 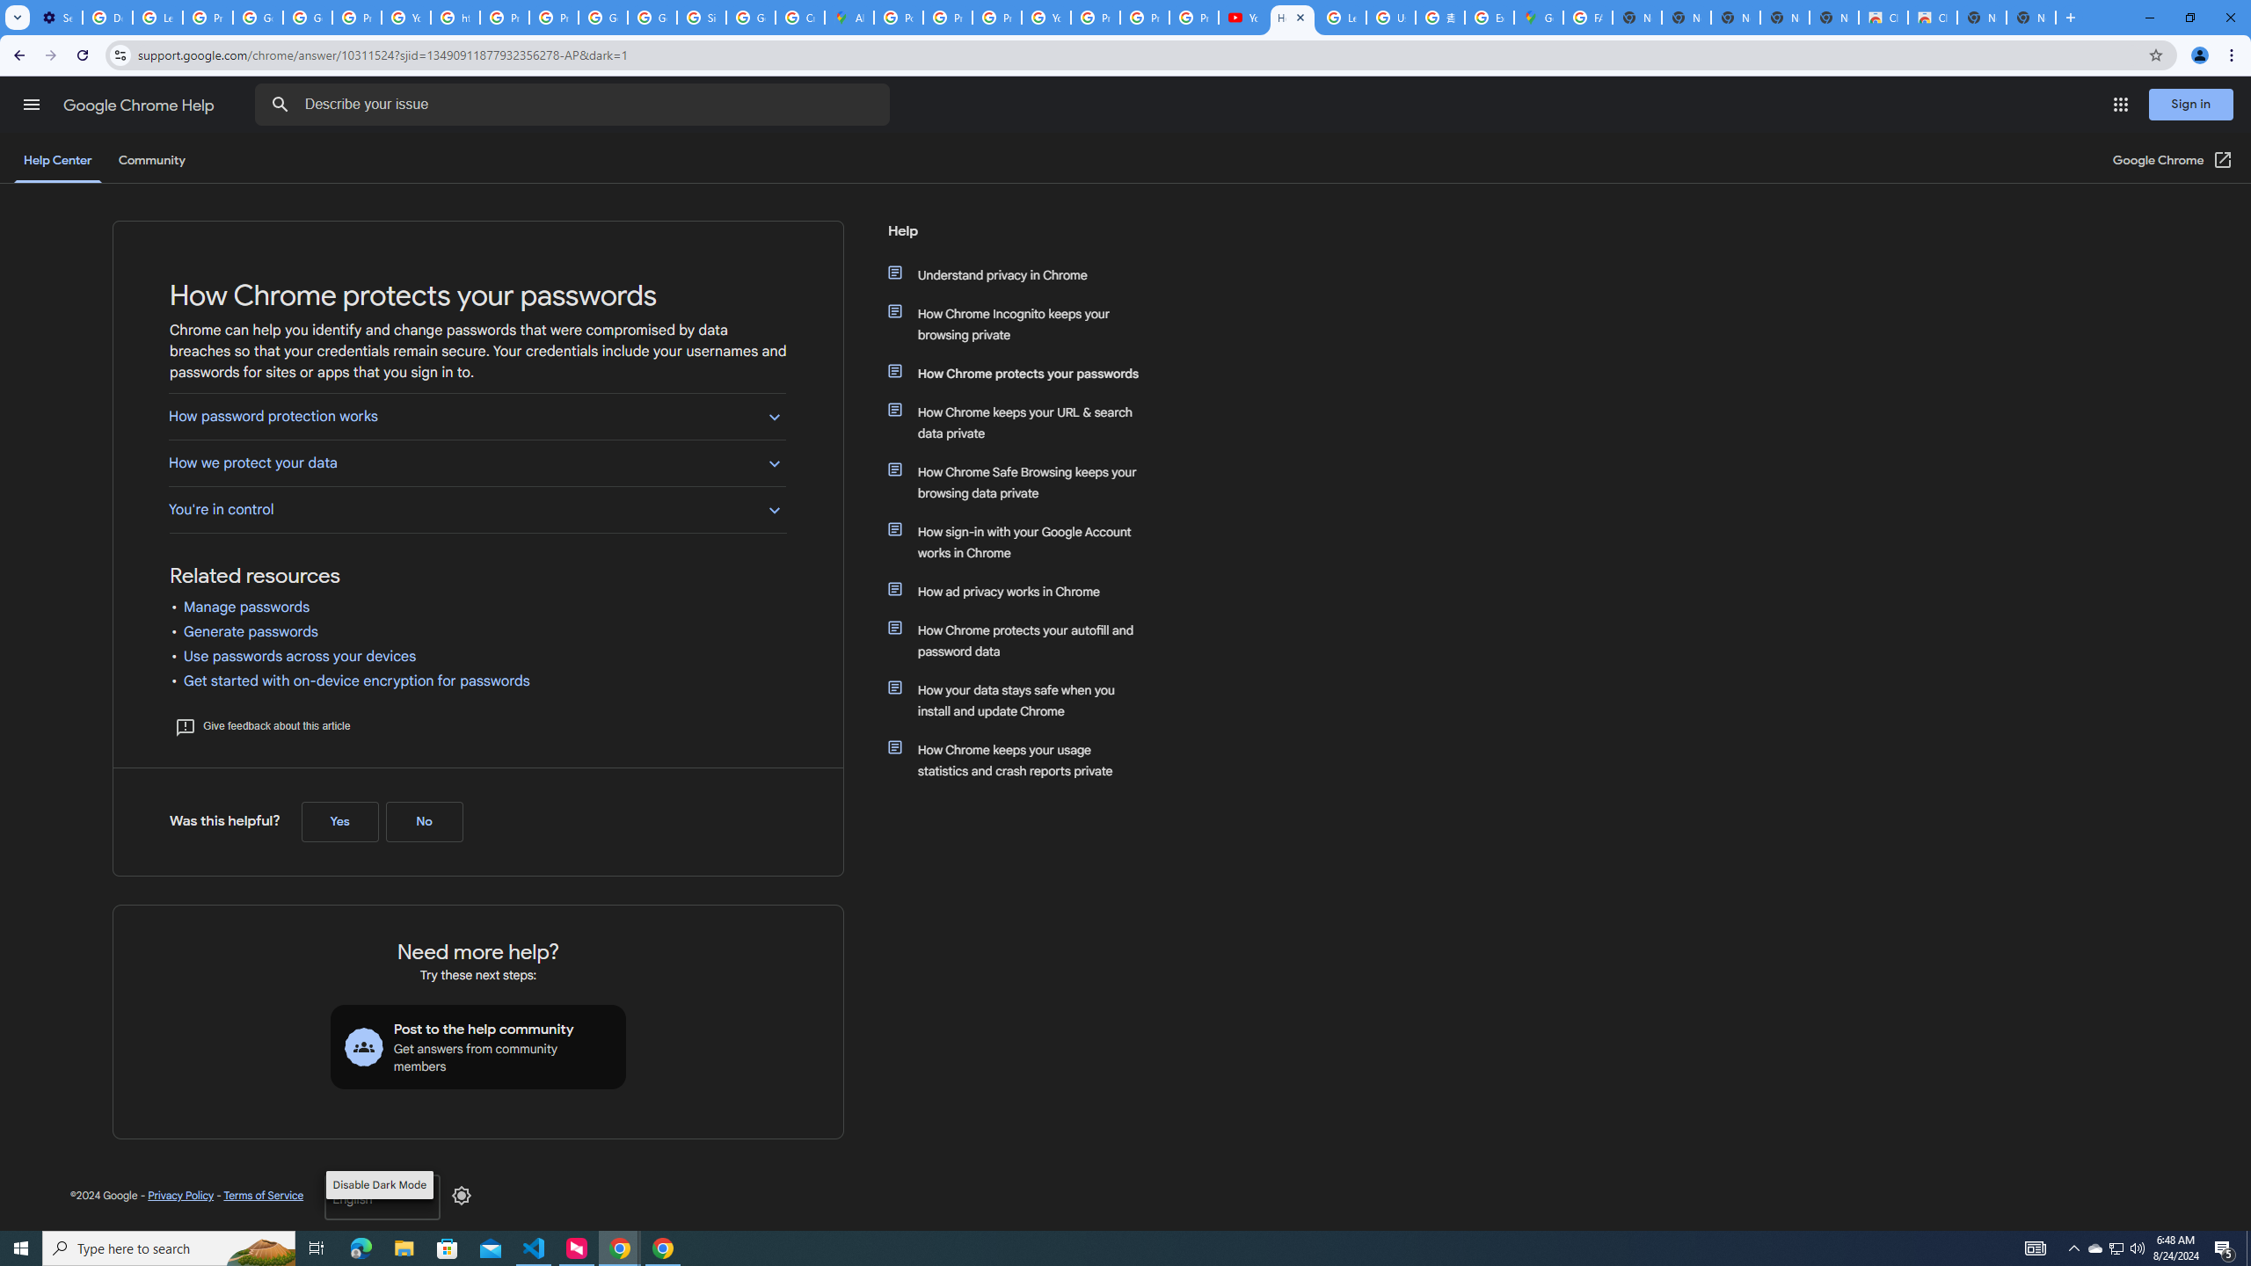 I want to click on 'Describe your issue', so click(x=574, y=104).